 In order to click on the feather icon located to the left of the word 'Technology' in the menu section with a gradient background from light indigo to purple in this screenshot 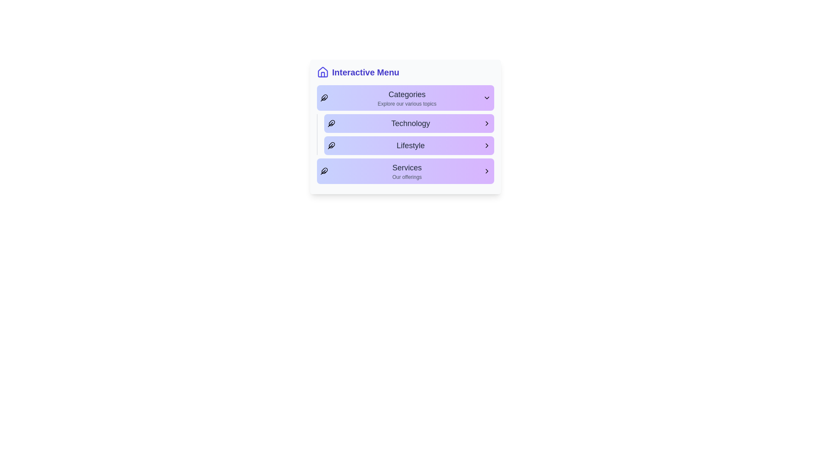, I will do `click(331, 123)`.